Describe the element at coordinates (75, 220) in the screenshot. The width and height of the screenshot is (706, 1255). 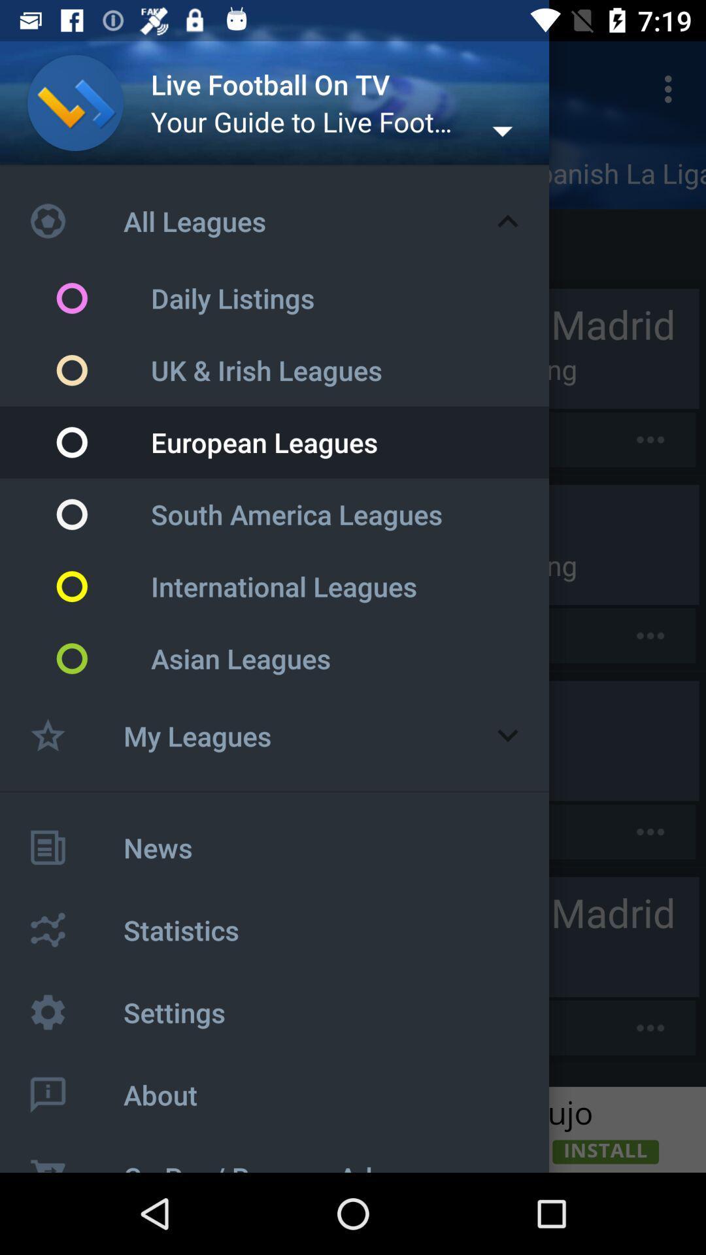
I see `icon which is left to all leagues` at that location.